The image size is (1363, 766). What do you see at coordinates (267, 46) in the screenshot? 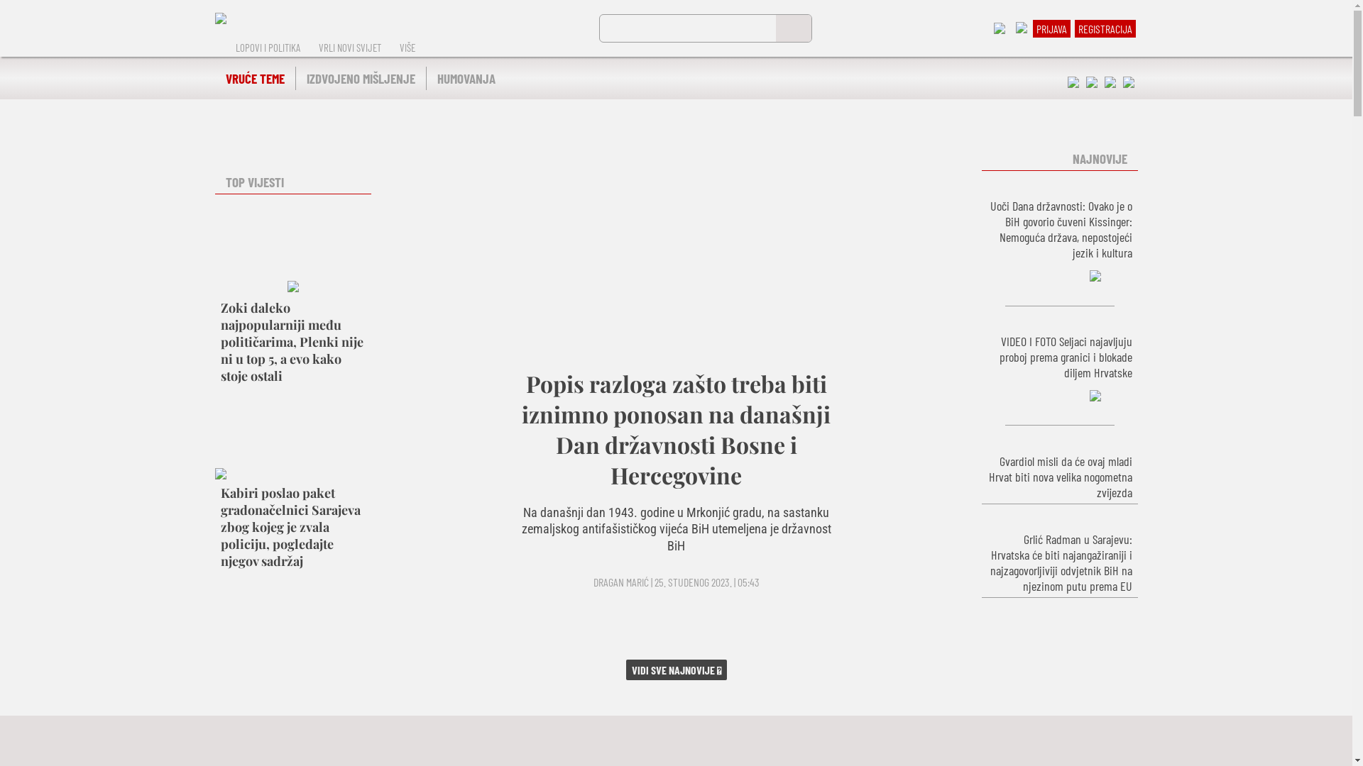
I see `'LOPOVI I POLITIKA'` at bounding box center [267, 46].